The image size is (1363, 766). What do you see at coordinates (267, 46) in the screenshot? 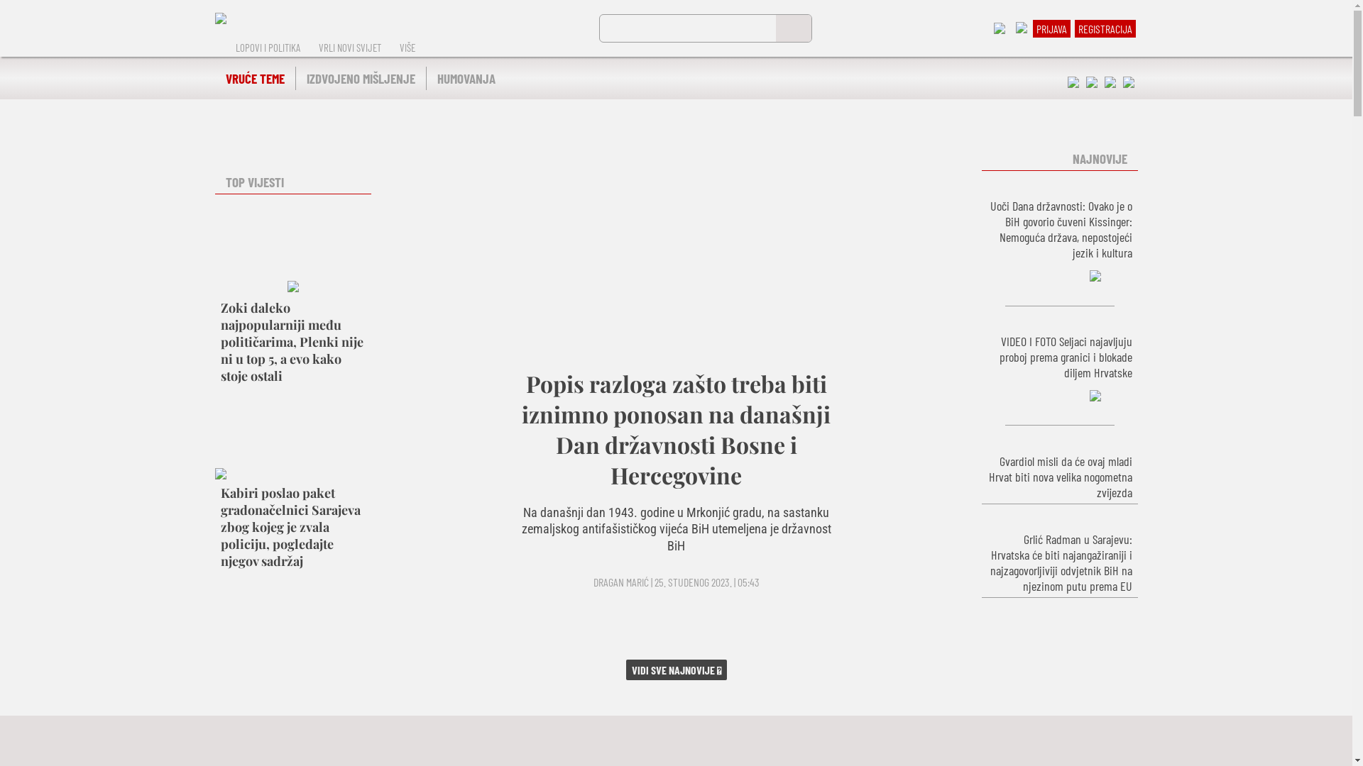
I see `'LOPOVI I POLITIKA'` at bounding box center [267, 46].